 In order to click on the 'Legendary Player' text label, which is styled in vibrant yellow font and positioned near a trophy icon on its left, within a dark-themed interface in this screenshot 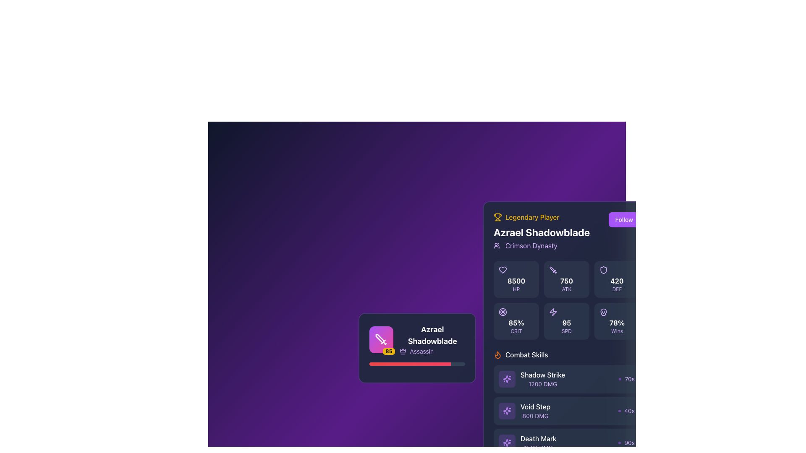, I will do `click(531, 216)`.